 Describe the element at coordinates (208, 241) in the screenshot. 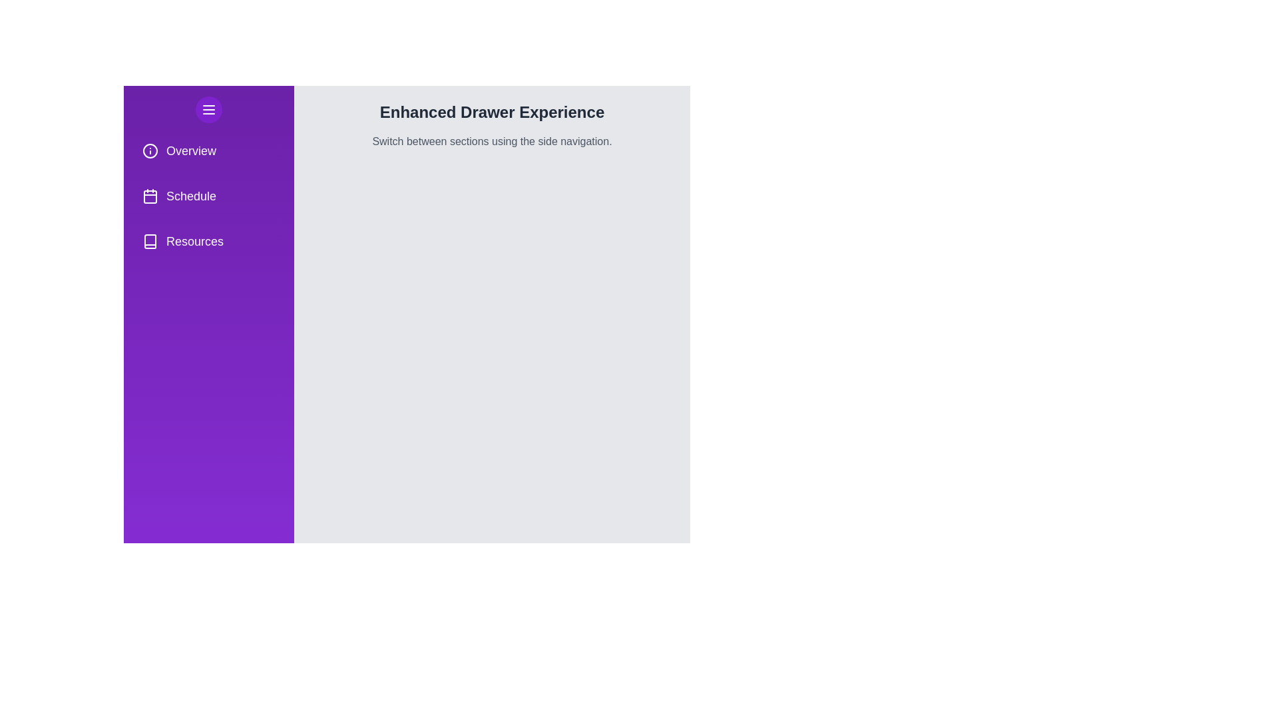

I see `the menu item Resources to observe visual feedback` at that location.